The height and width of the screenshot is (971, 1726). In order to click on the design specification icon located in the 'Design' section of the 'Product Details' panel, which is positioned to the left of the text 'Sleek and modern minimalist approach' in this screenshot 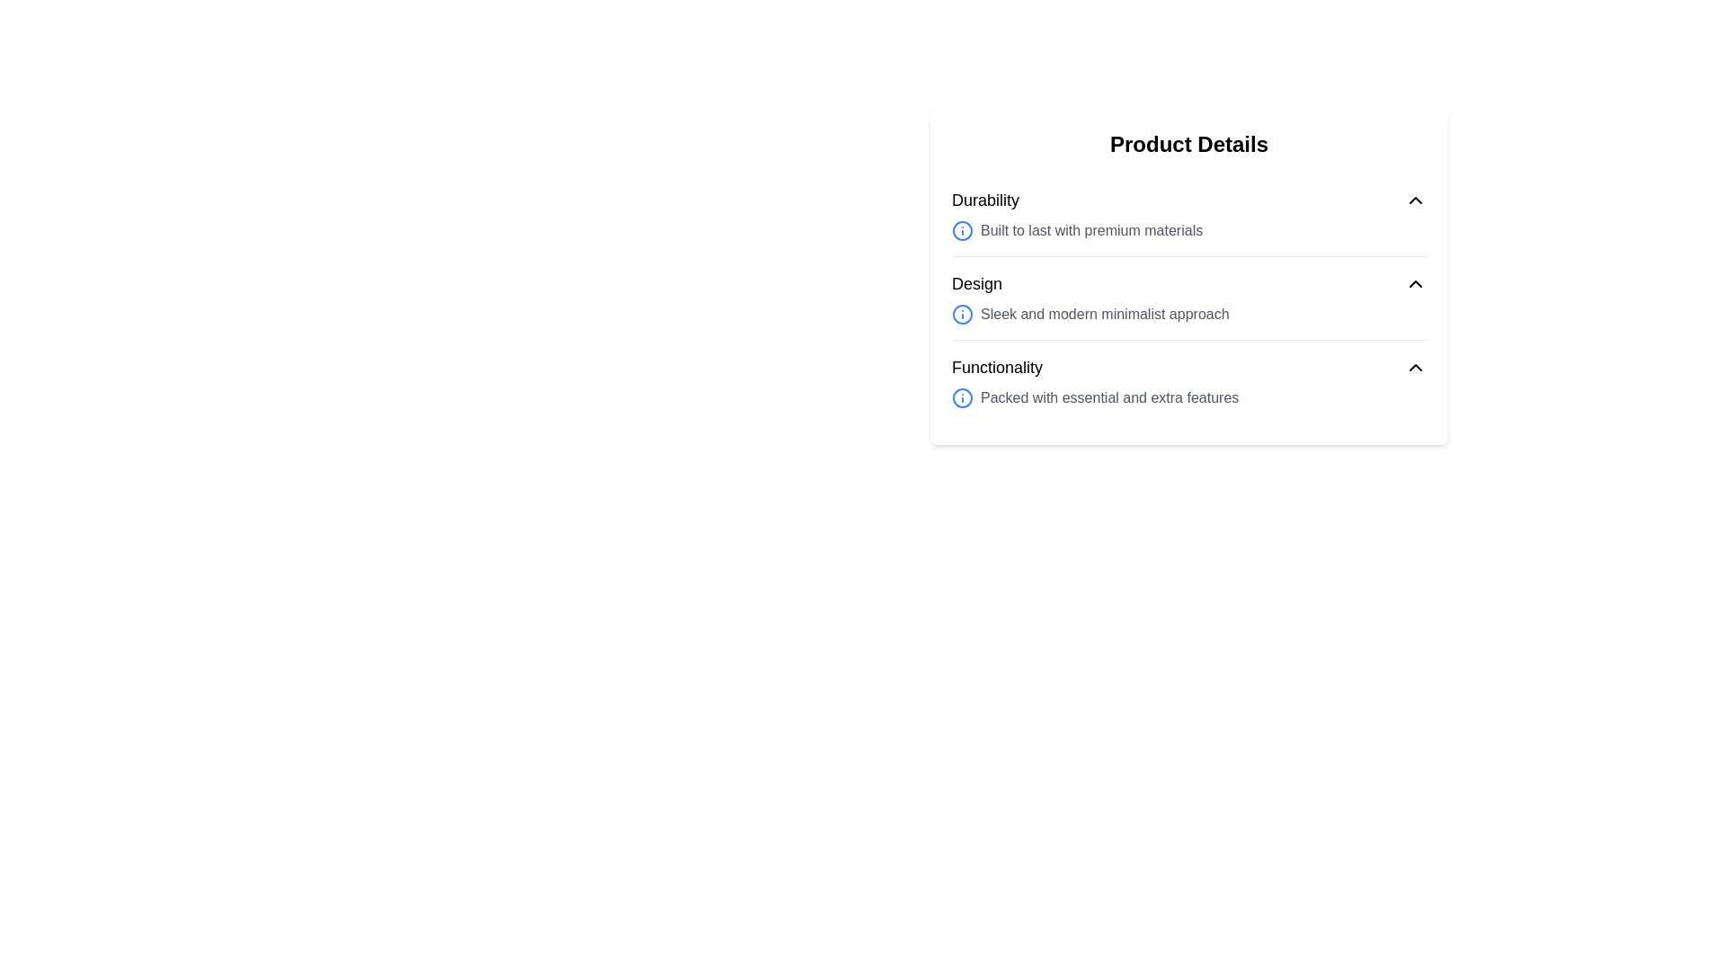, I will do `click(961, 314)`.